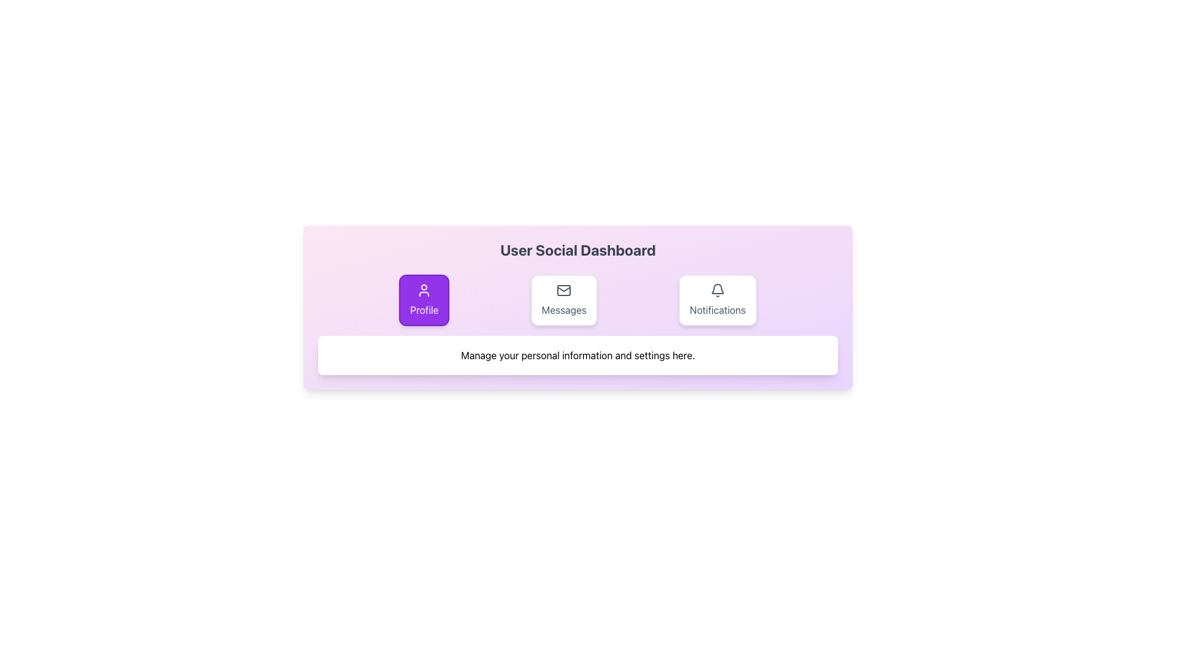  I want to click on the 'Messages' button, which features an envelope icon above the text, so click(563, 300).